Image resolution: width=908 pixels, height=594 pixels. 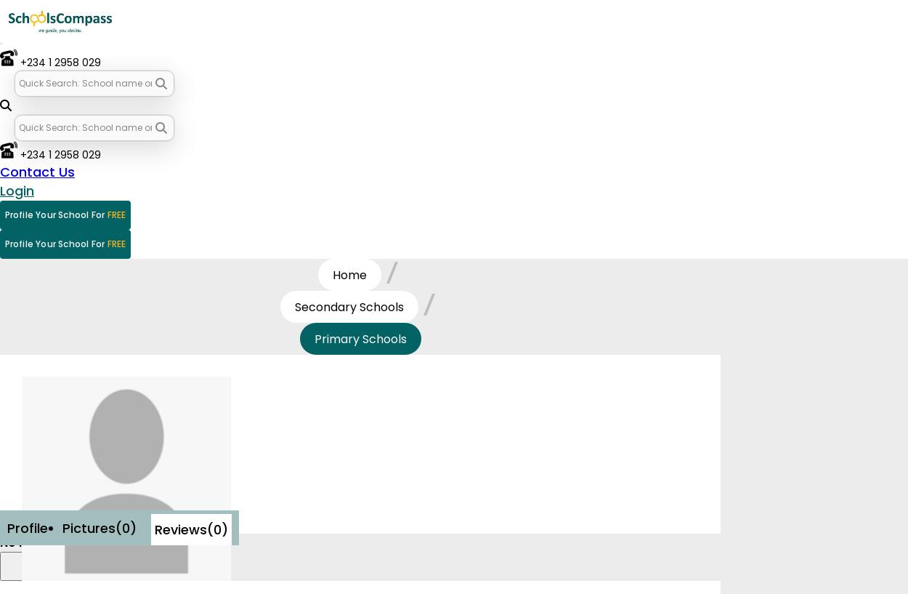 I want to click on 'Primary Schools', so click(x=359, y=338).